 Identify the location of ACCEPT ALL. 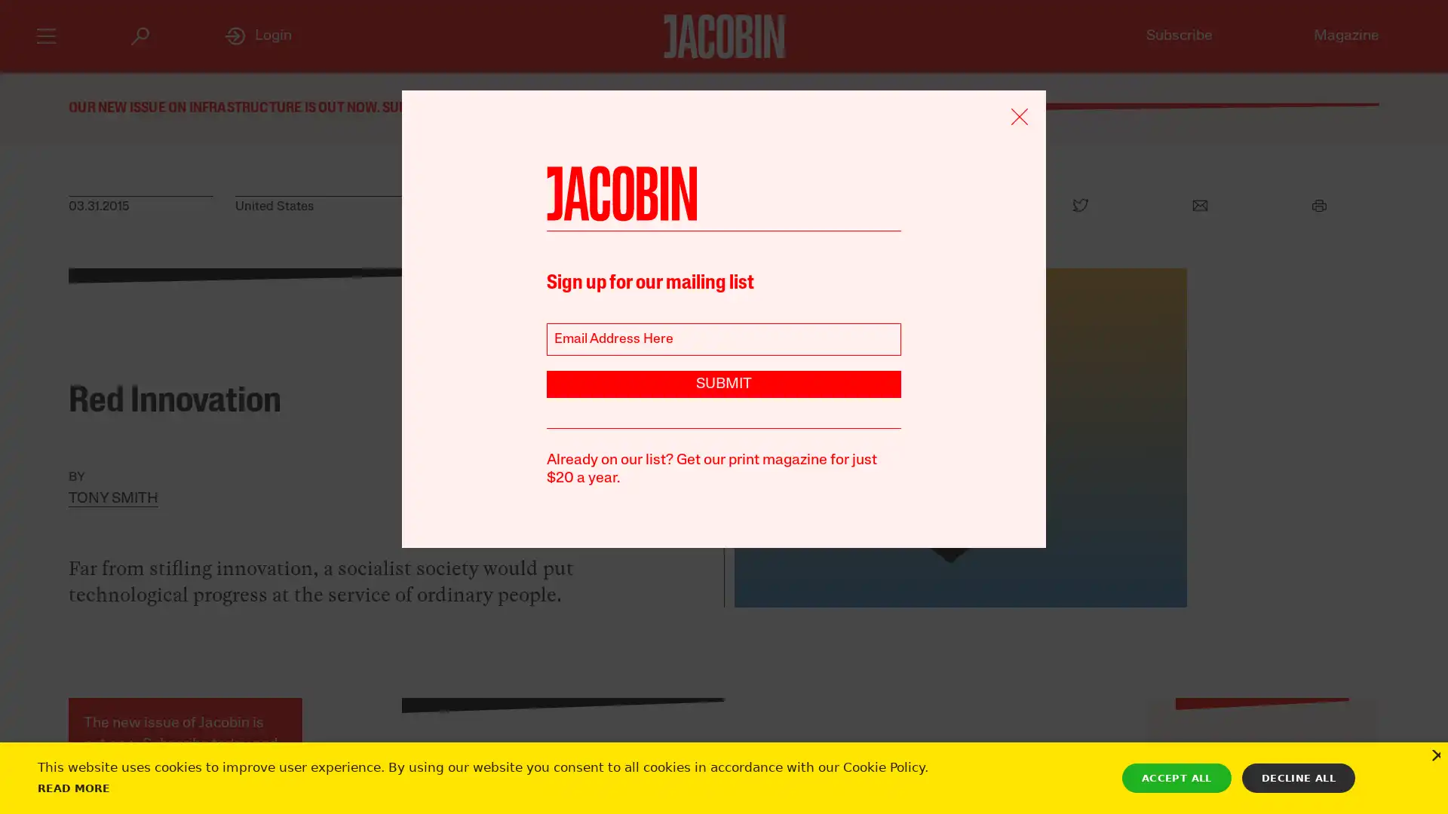
(1175, 777).